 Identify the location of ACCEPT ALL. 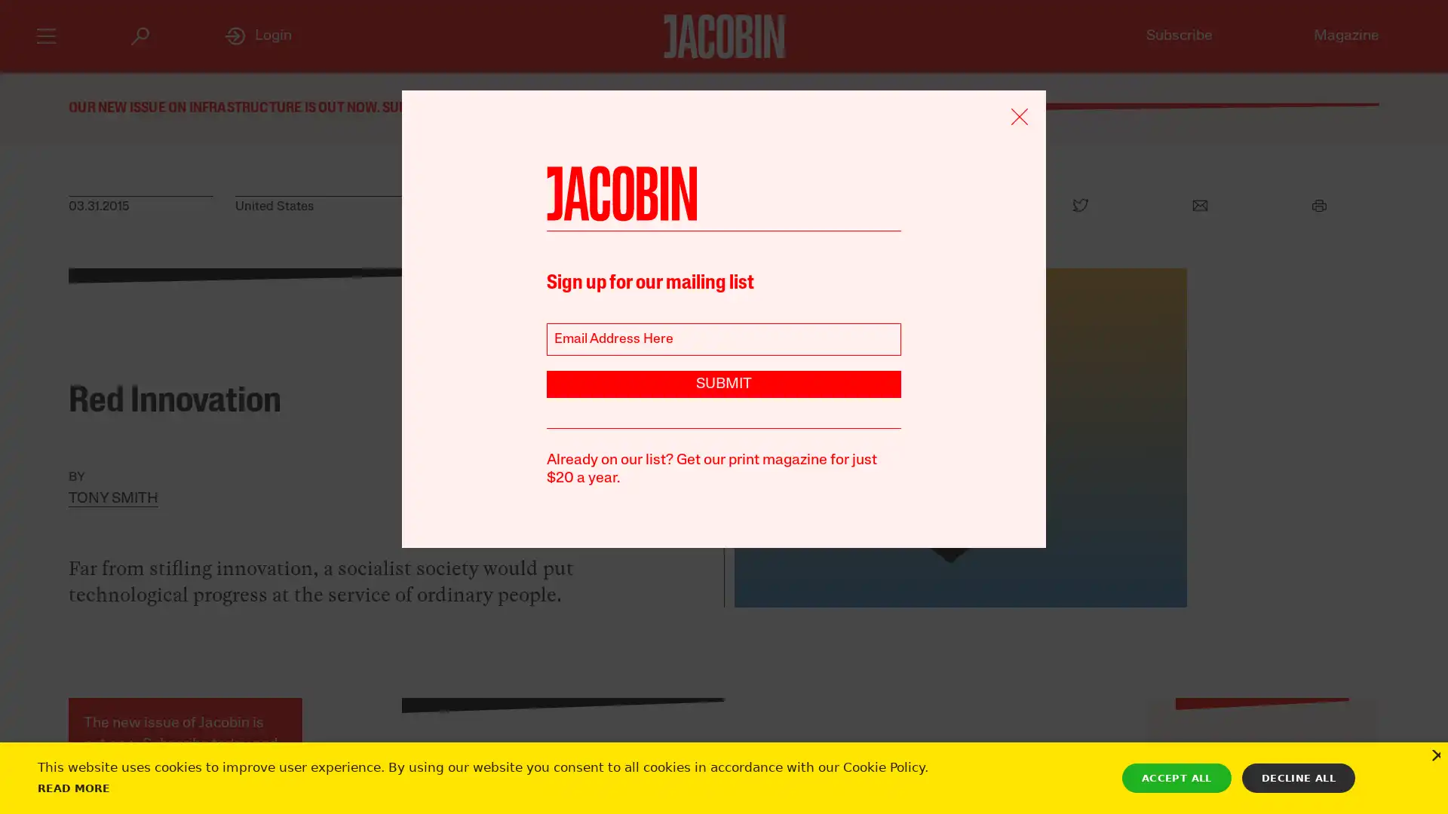
(1175, 777).